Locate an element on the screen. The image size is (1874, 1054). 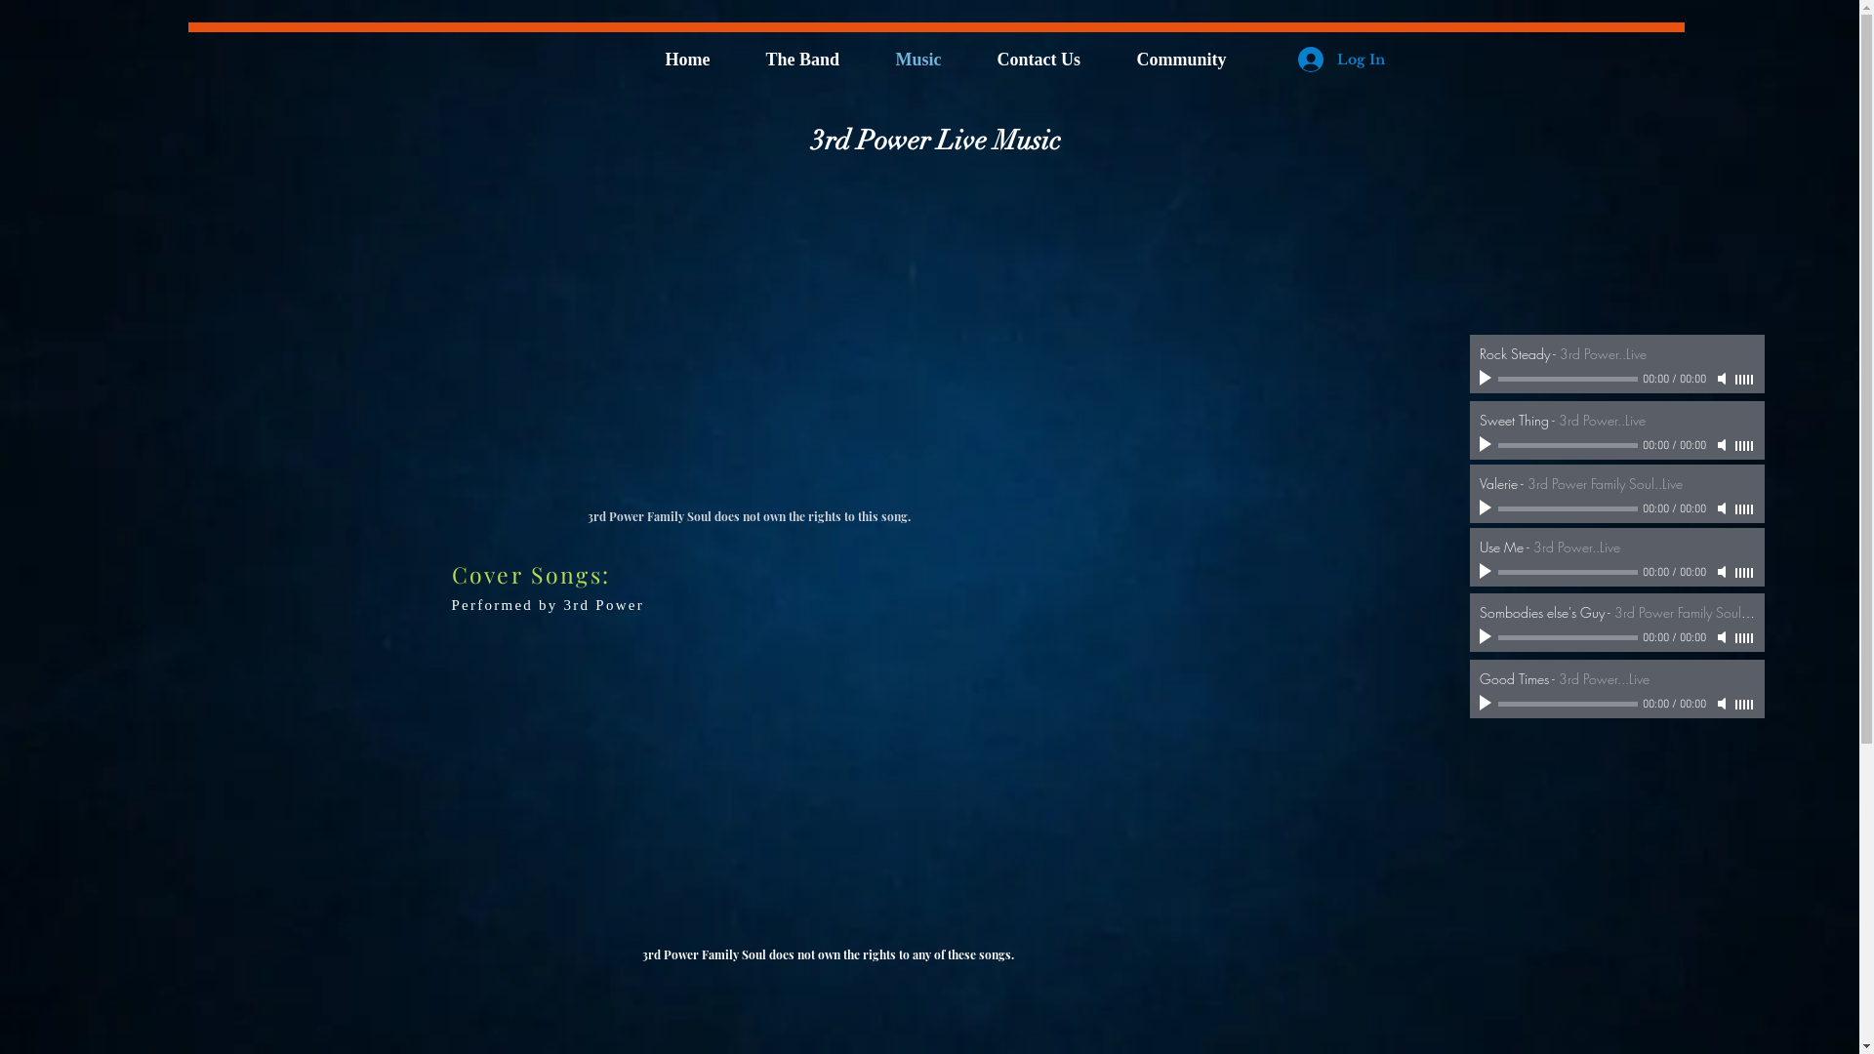
'Community' is located at coordinates (1194, 59).